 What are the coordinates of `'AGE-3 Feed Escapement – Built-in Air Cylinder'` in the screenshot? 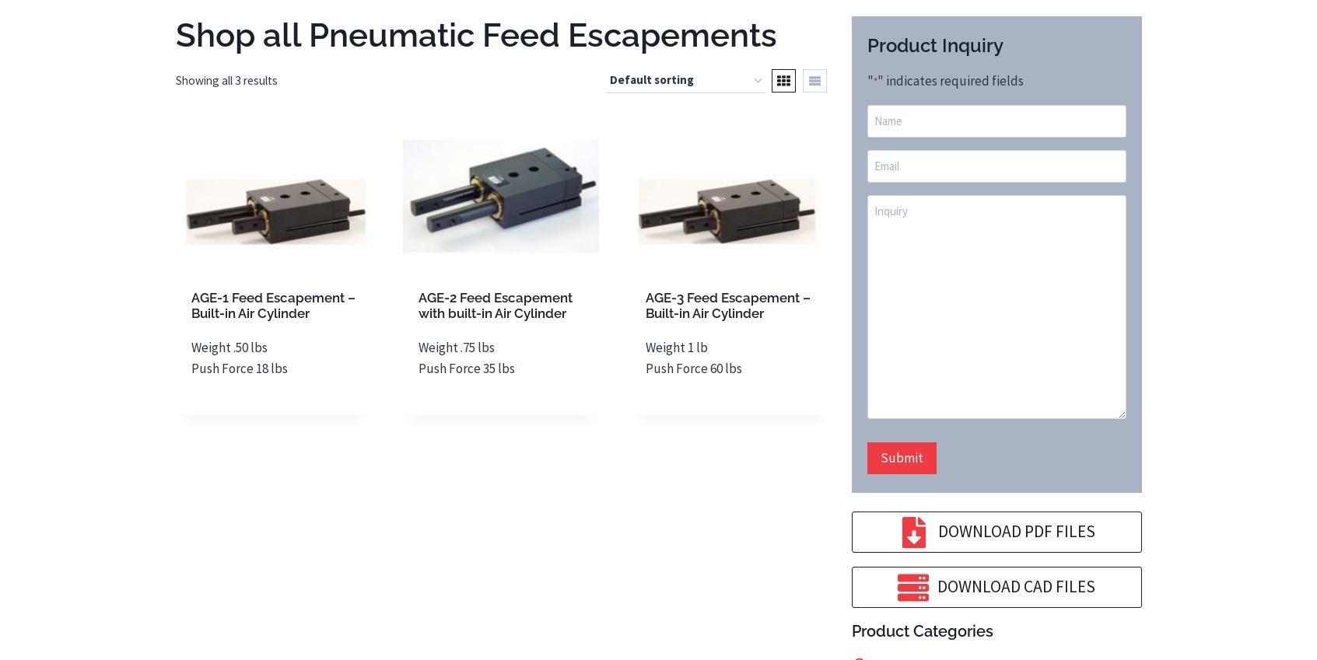 It's located at (727, 304).